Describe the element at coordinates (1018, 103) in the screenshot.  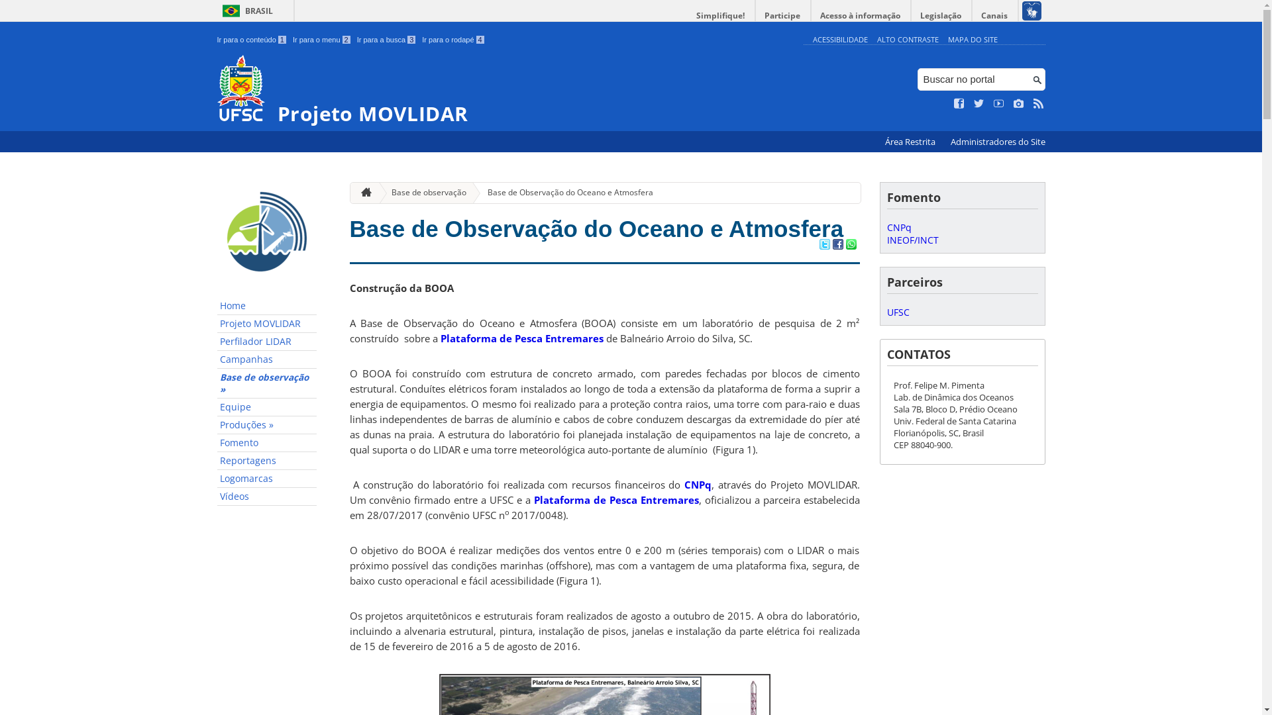
I see `'Veja no Instagram'` at that location.